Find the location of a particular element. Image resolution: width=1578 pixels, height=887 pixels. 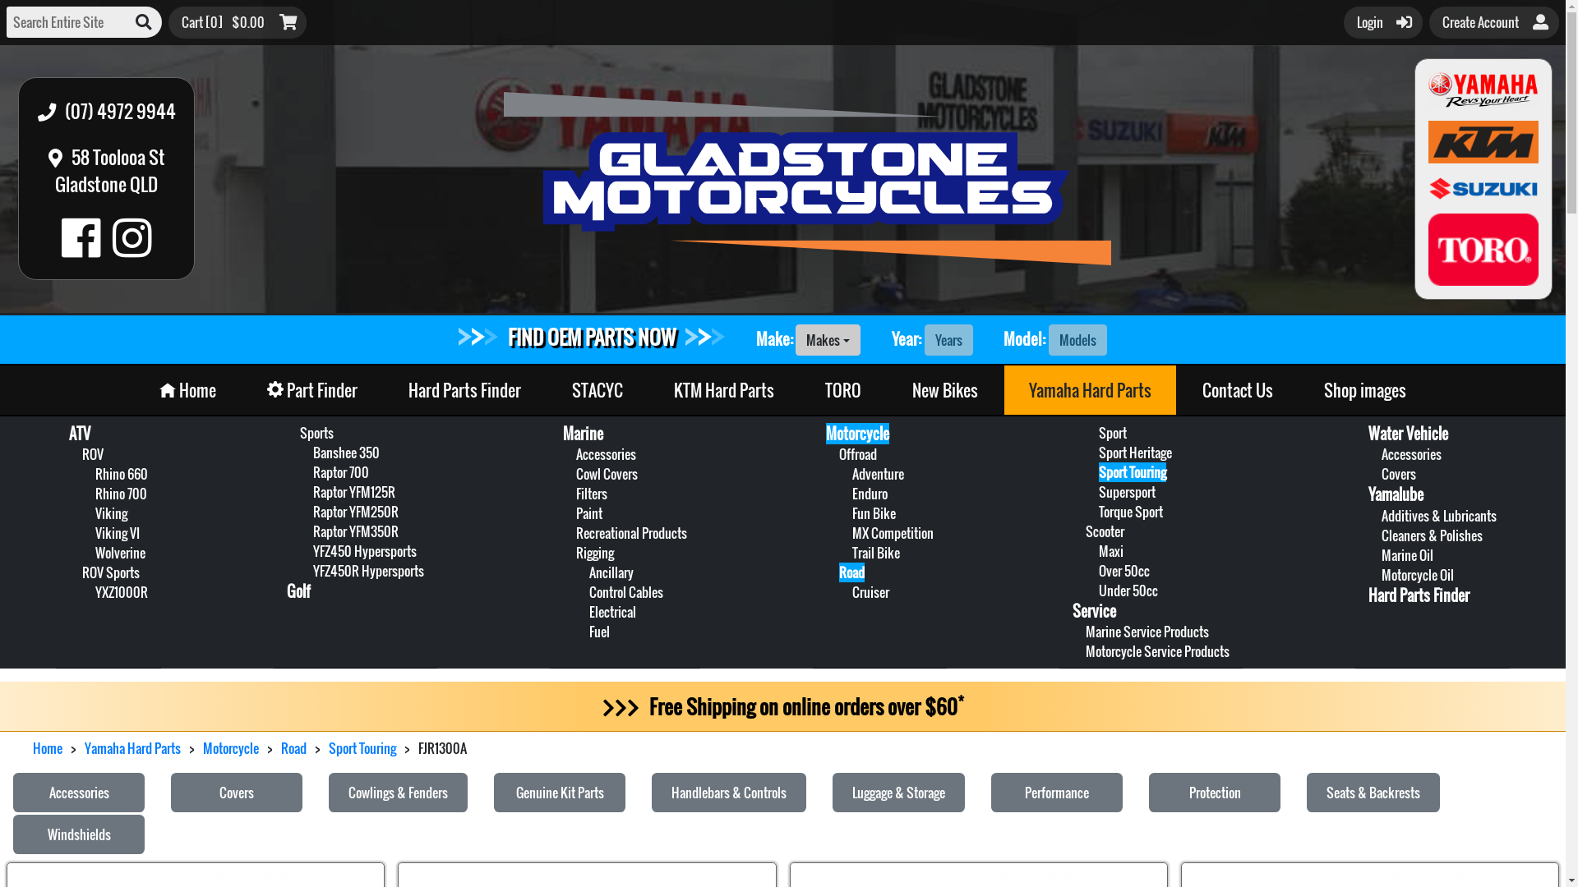

'ROV Sports' is located at coordinates (81, 572).